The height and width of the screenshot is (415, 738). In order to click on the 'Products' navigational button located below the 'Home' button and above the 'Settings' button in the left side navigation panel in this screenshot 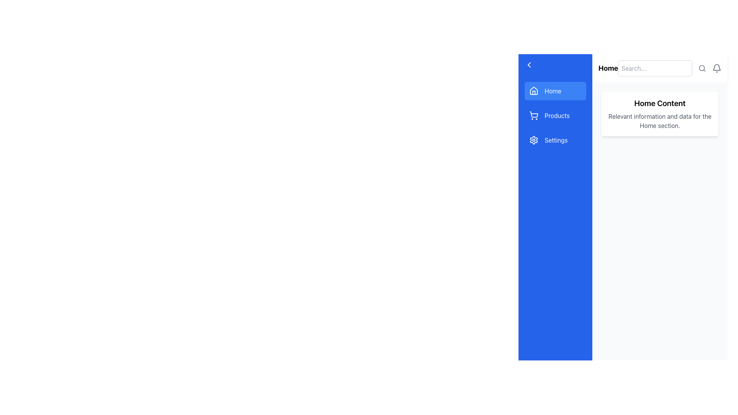, I will do `click(555, 115)`.